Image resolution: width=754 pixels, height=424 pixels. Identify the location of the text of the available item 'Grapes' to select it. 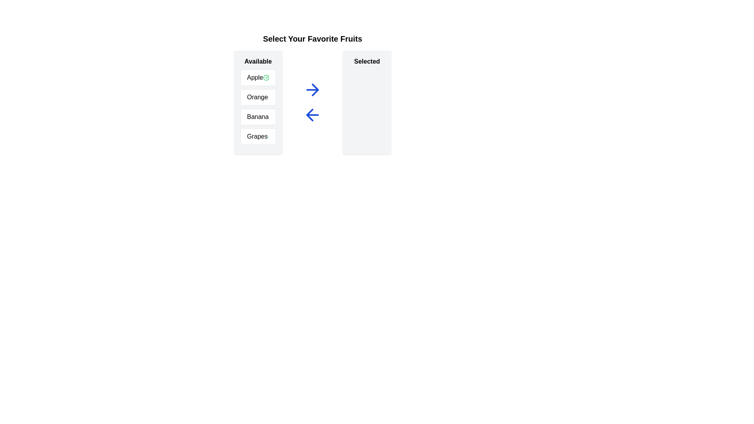
(258, 136).